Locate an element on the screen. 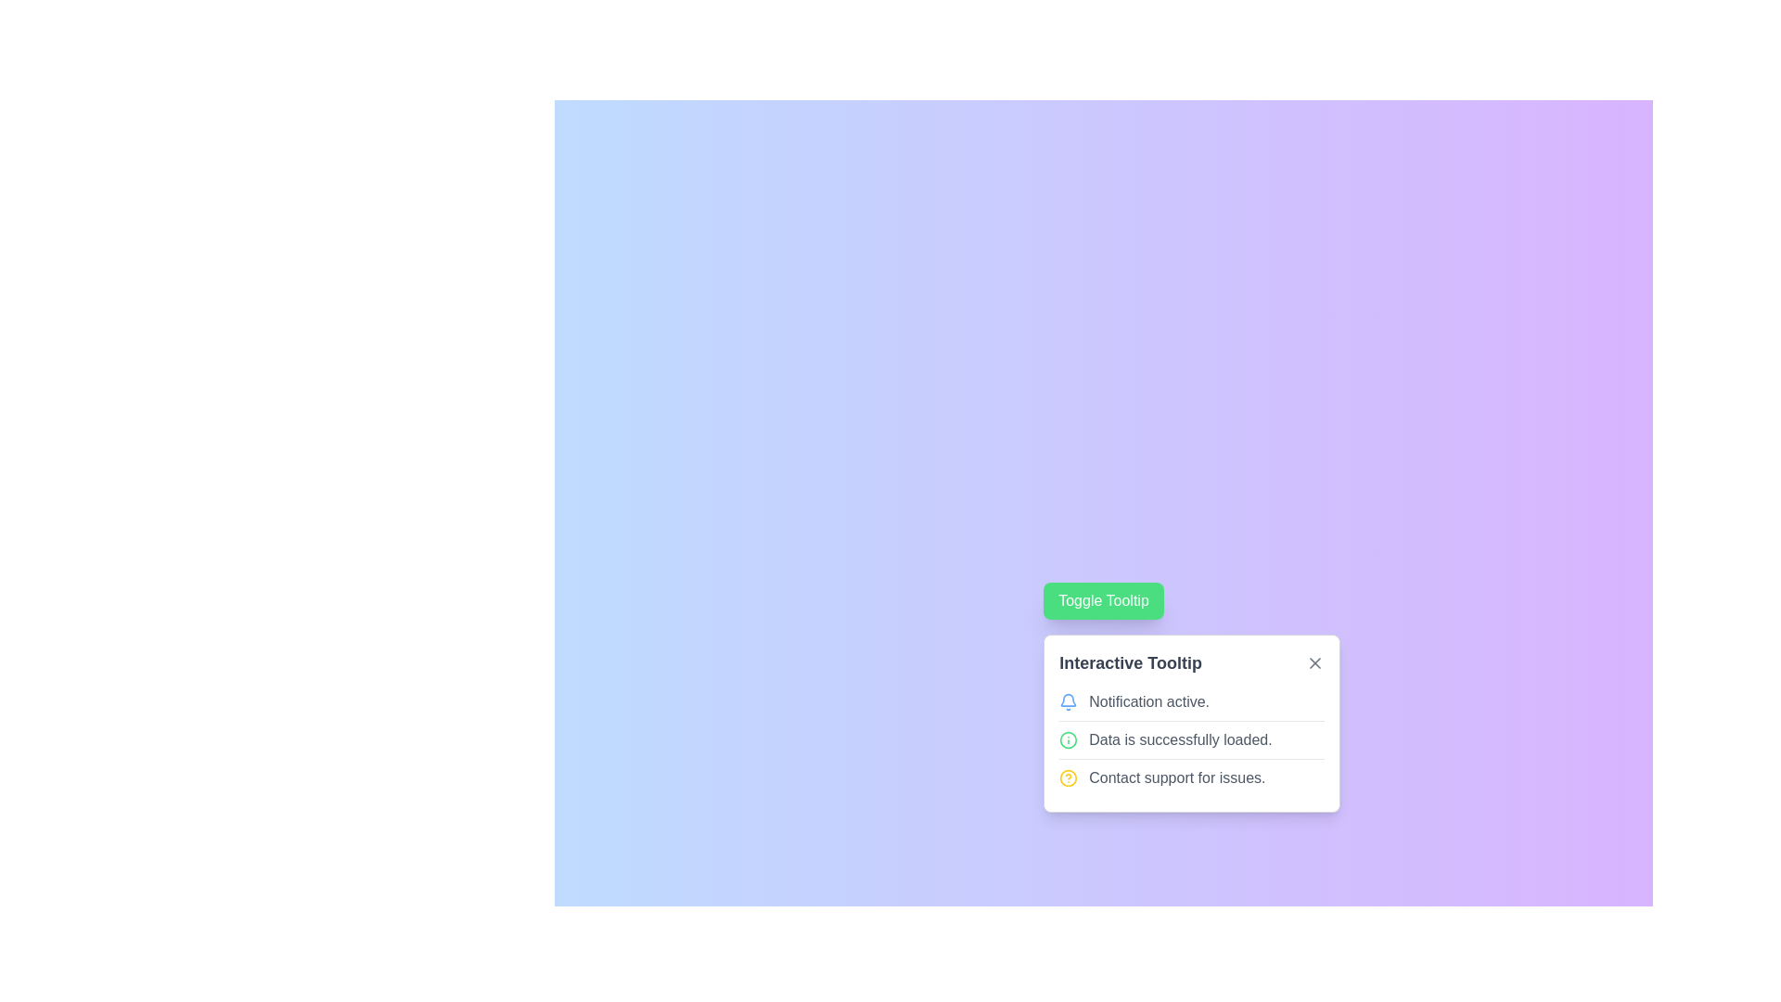  the icon that signifies information or a status update related to the text 'Data is successfully loaded.' by moving the cursor to its center point is located at coordinates (1069, 739).